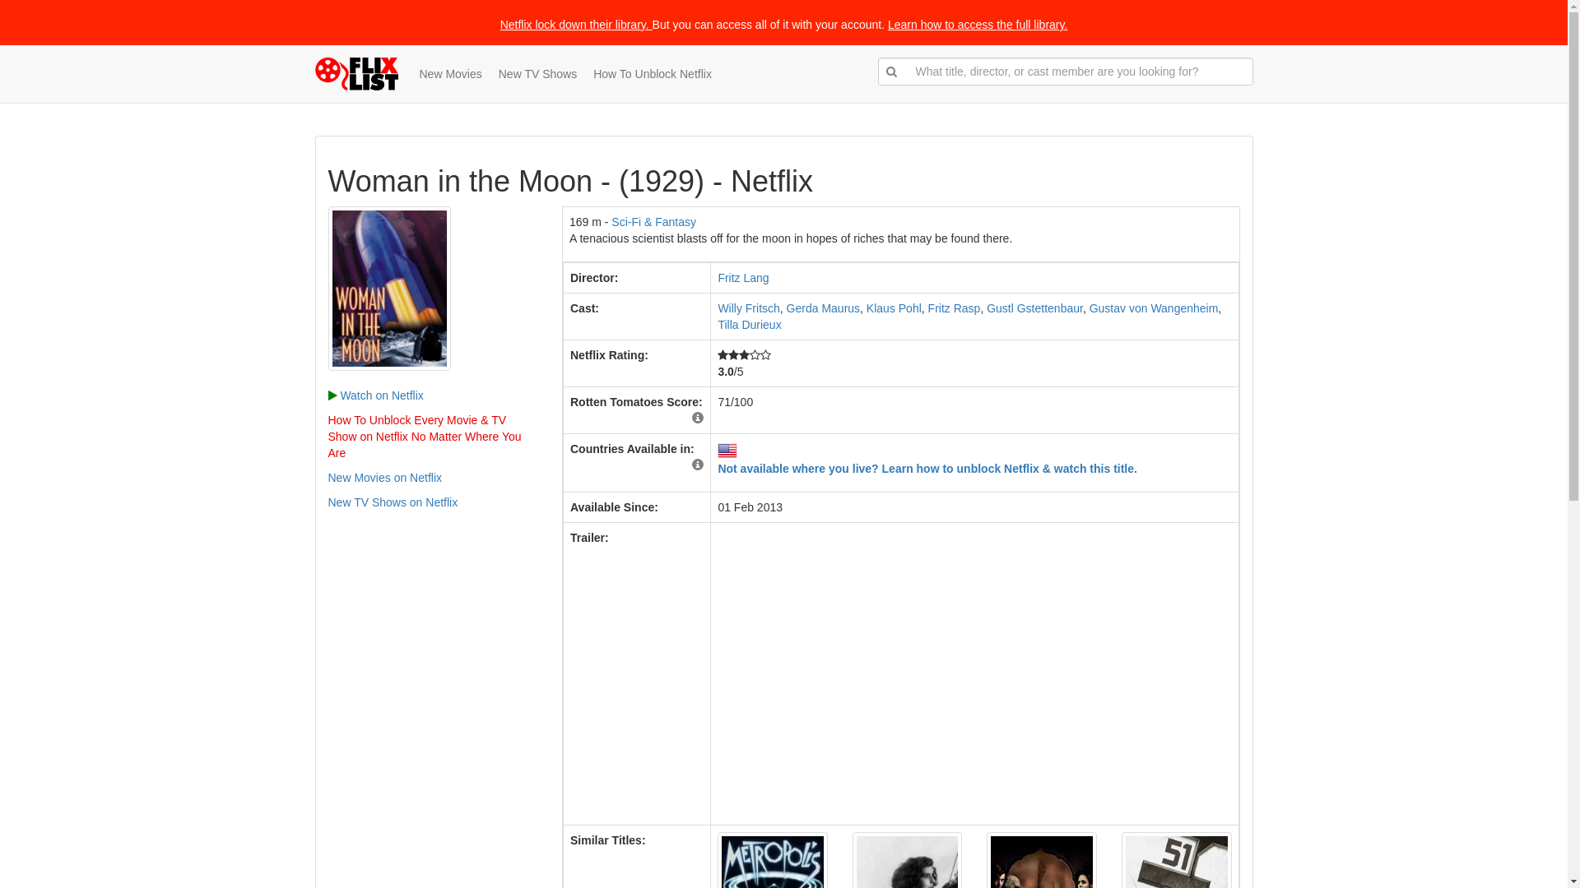 The height and width of the screenshot is (888, 1580). What do you see at coordinates (928, 308) in the screenshot?
I see `'Fritz Rasp'` at bounding box center [928, 308].